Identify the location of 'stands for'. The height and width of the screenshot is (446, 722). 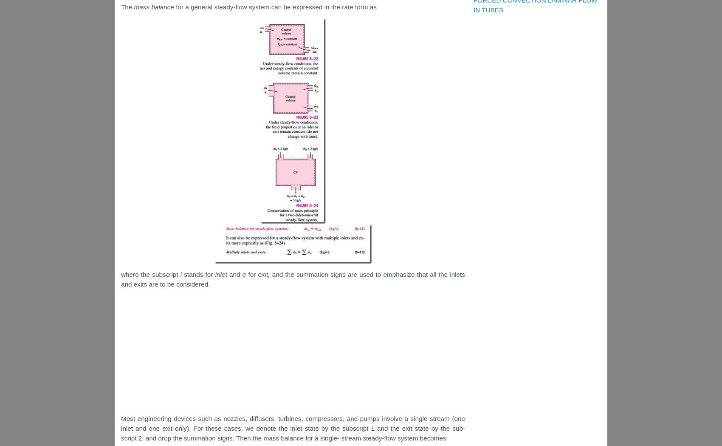
(199, 274).